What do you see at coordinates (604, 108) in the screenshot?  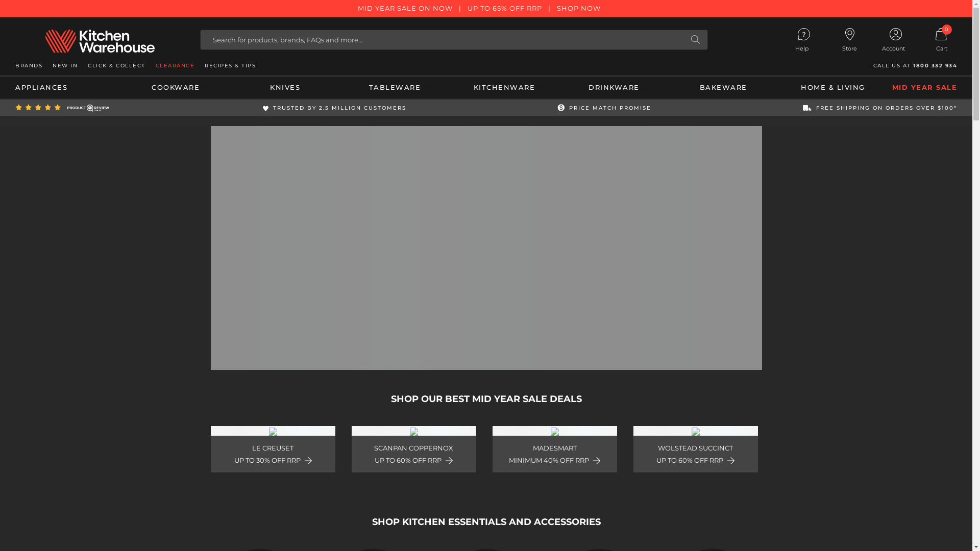 I see `'PRICE MATCH PROMISE'` at bounding box center [604, 108].